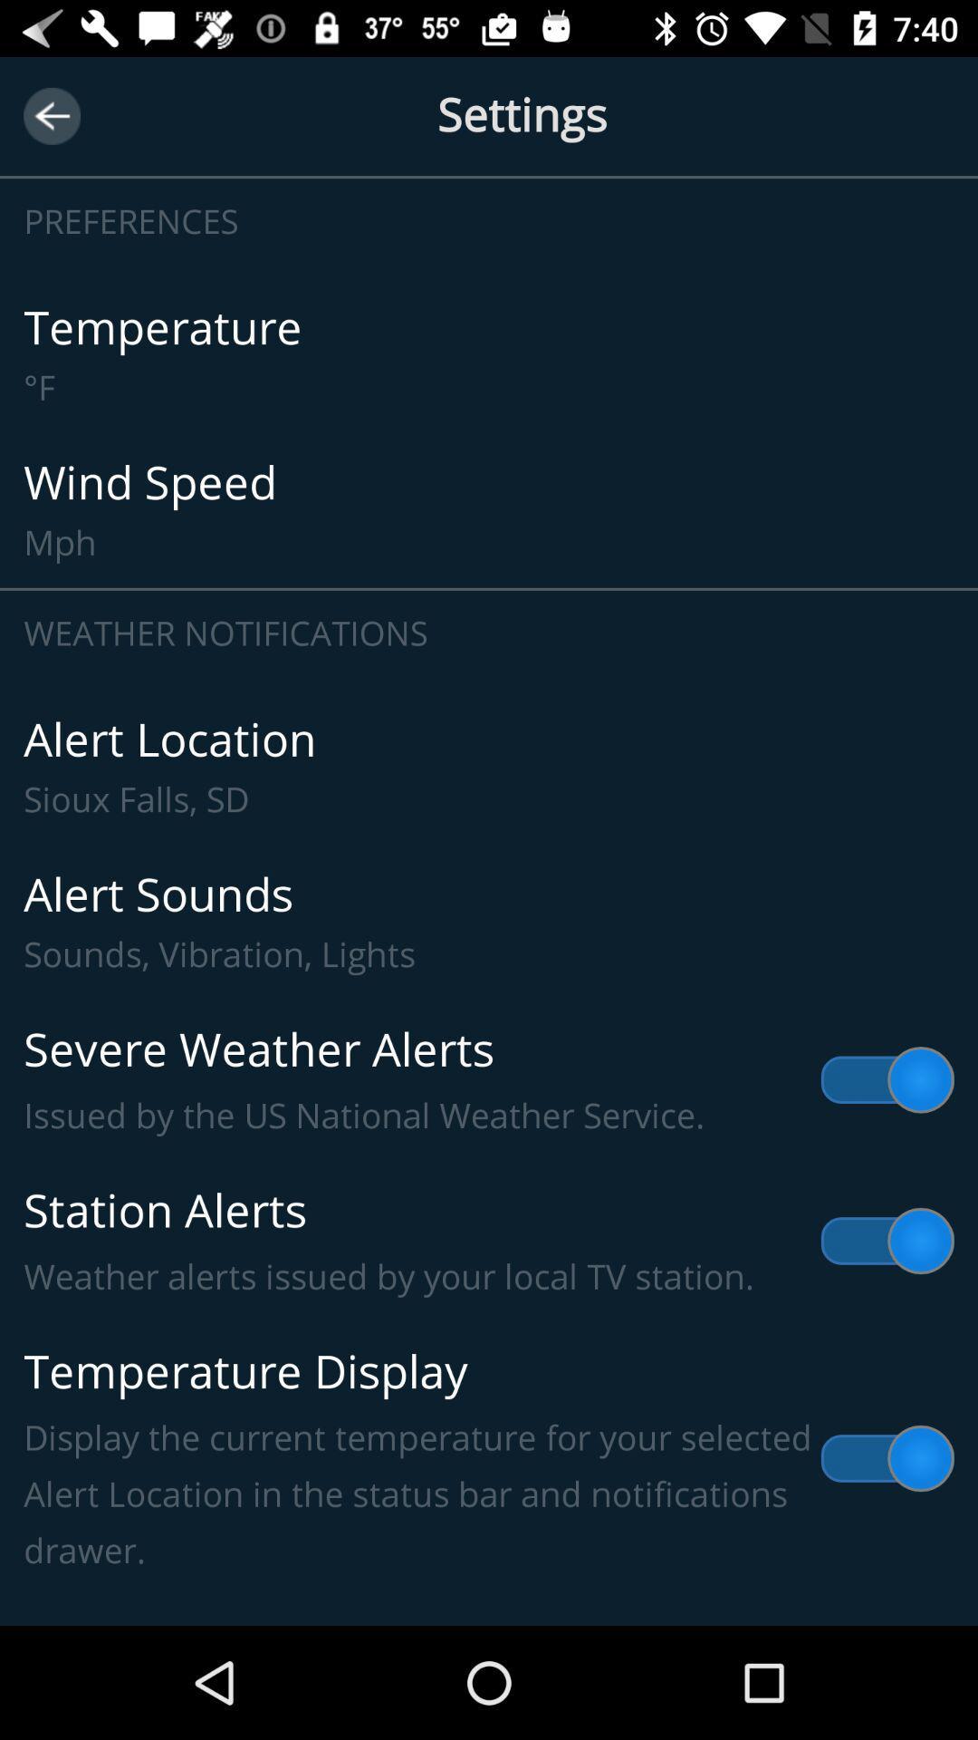 The width and height of the screenshot is (978, 1740). What do you see at coordinates (489, 922) in the screenshot?
I see `alert sounds sounds icon` at bounding box center [489, 922].